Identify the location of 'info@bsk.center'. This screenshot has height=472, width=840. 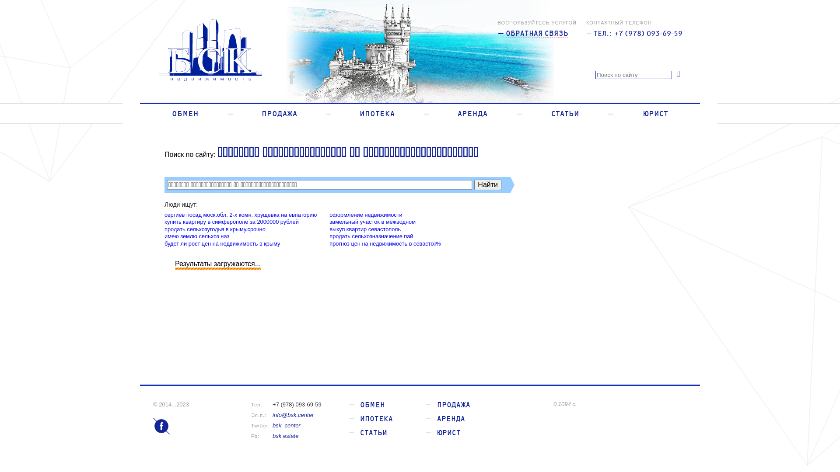
(293, 414).